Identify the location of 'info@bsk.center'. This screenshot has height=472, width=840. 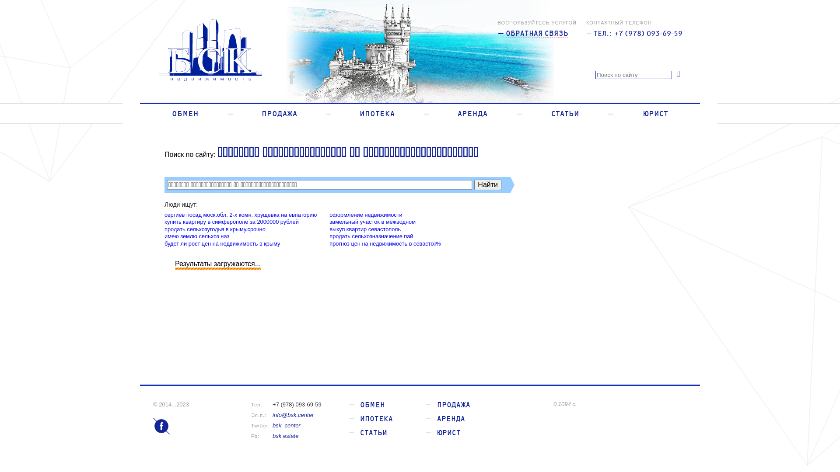
(293, 414).